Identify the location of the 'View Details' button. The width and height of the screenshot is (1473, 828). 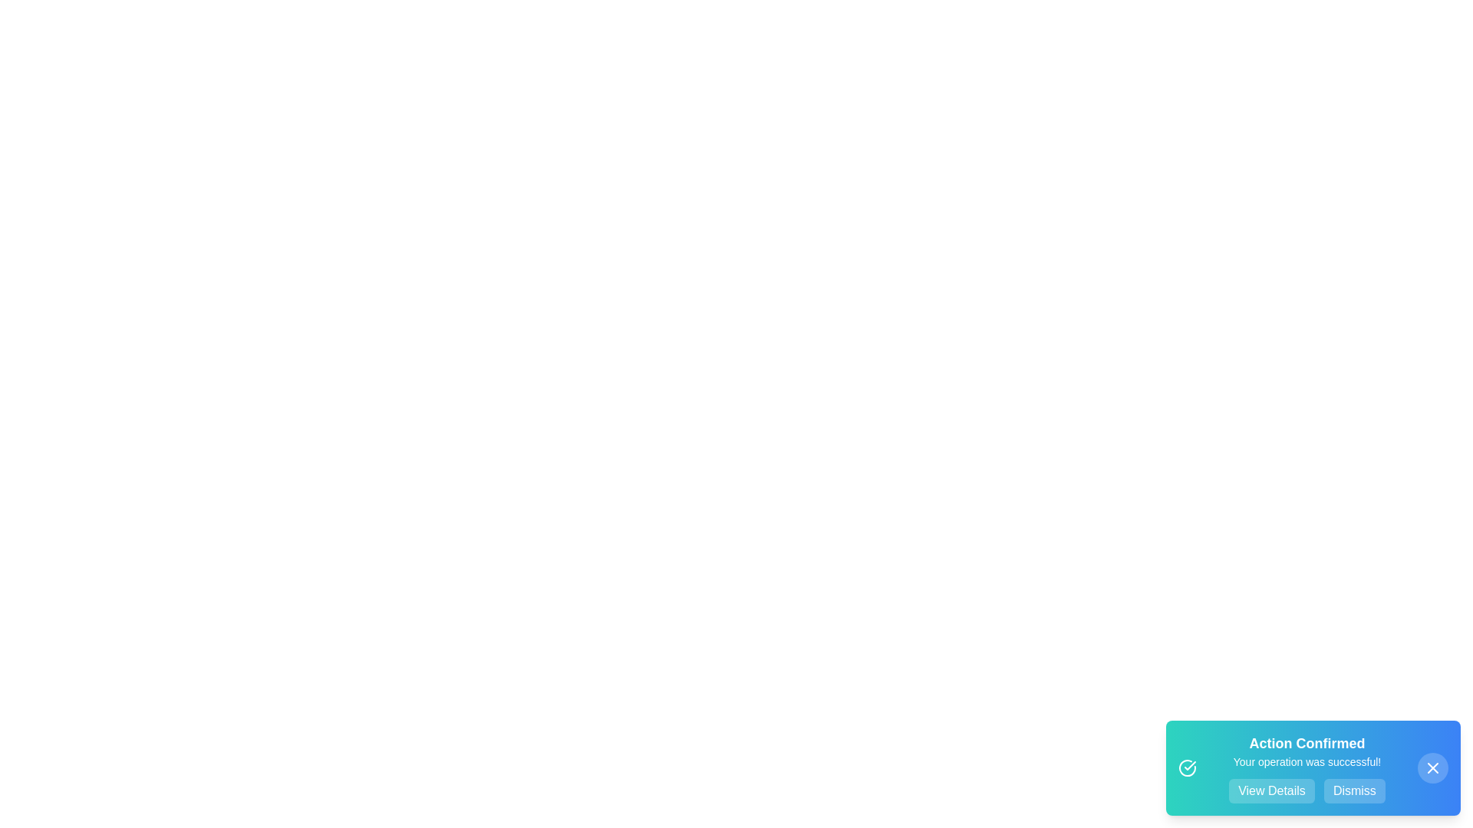
(1271, 791).